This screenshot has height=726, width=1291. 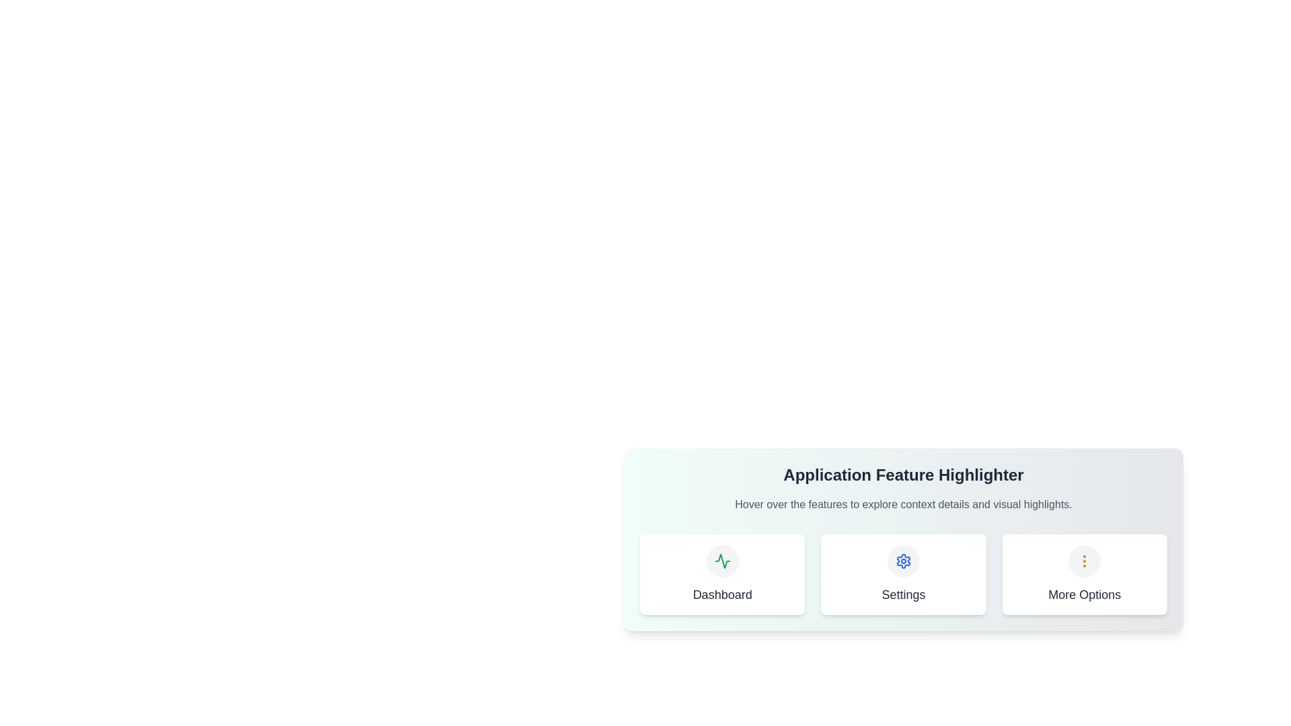 What do you see at coordinates (1085, 575) in the screenshot?
I see `the 'More Options' card, which is the third card from the left in a row of three cards` at bounding box center [1085, 575].